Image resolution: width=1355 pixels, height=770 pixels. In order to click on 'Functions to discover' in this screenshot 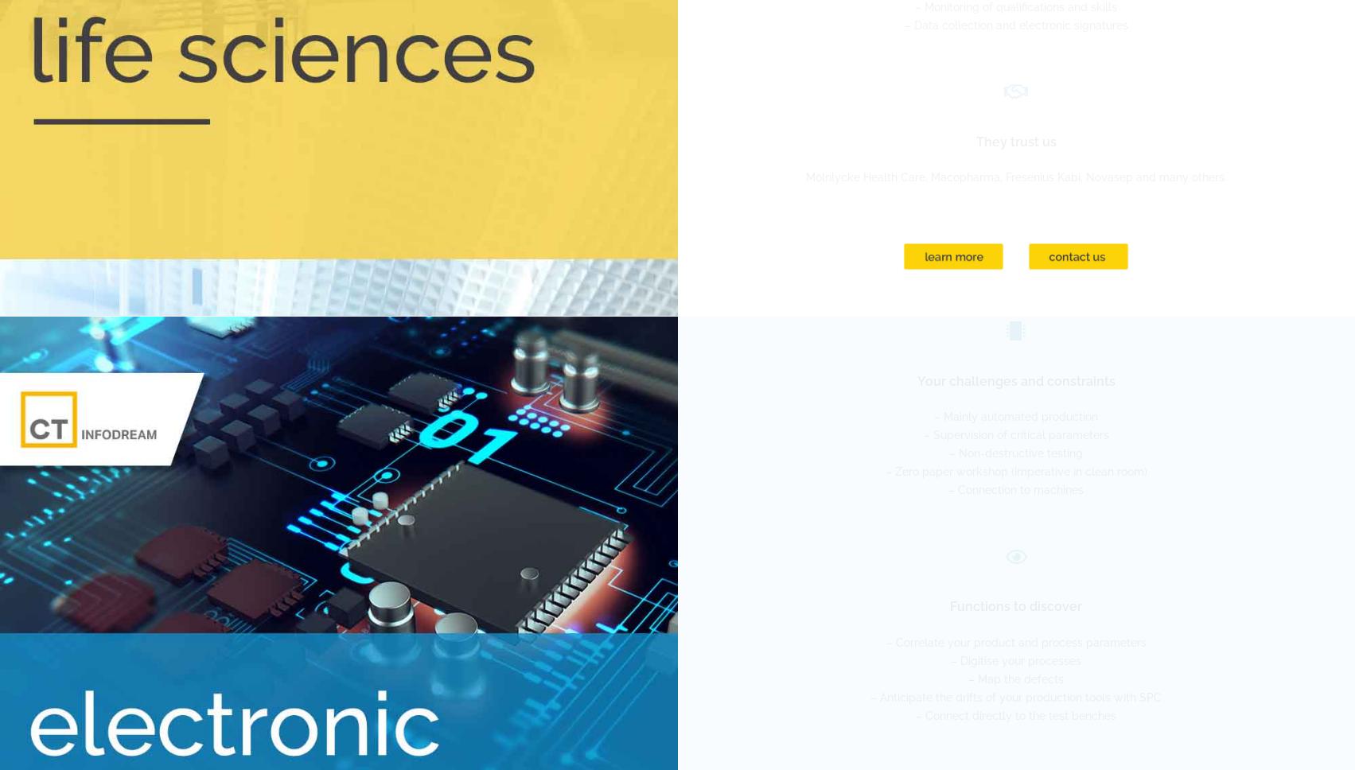, I will do `click(1015, 606)`.